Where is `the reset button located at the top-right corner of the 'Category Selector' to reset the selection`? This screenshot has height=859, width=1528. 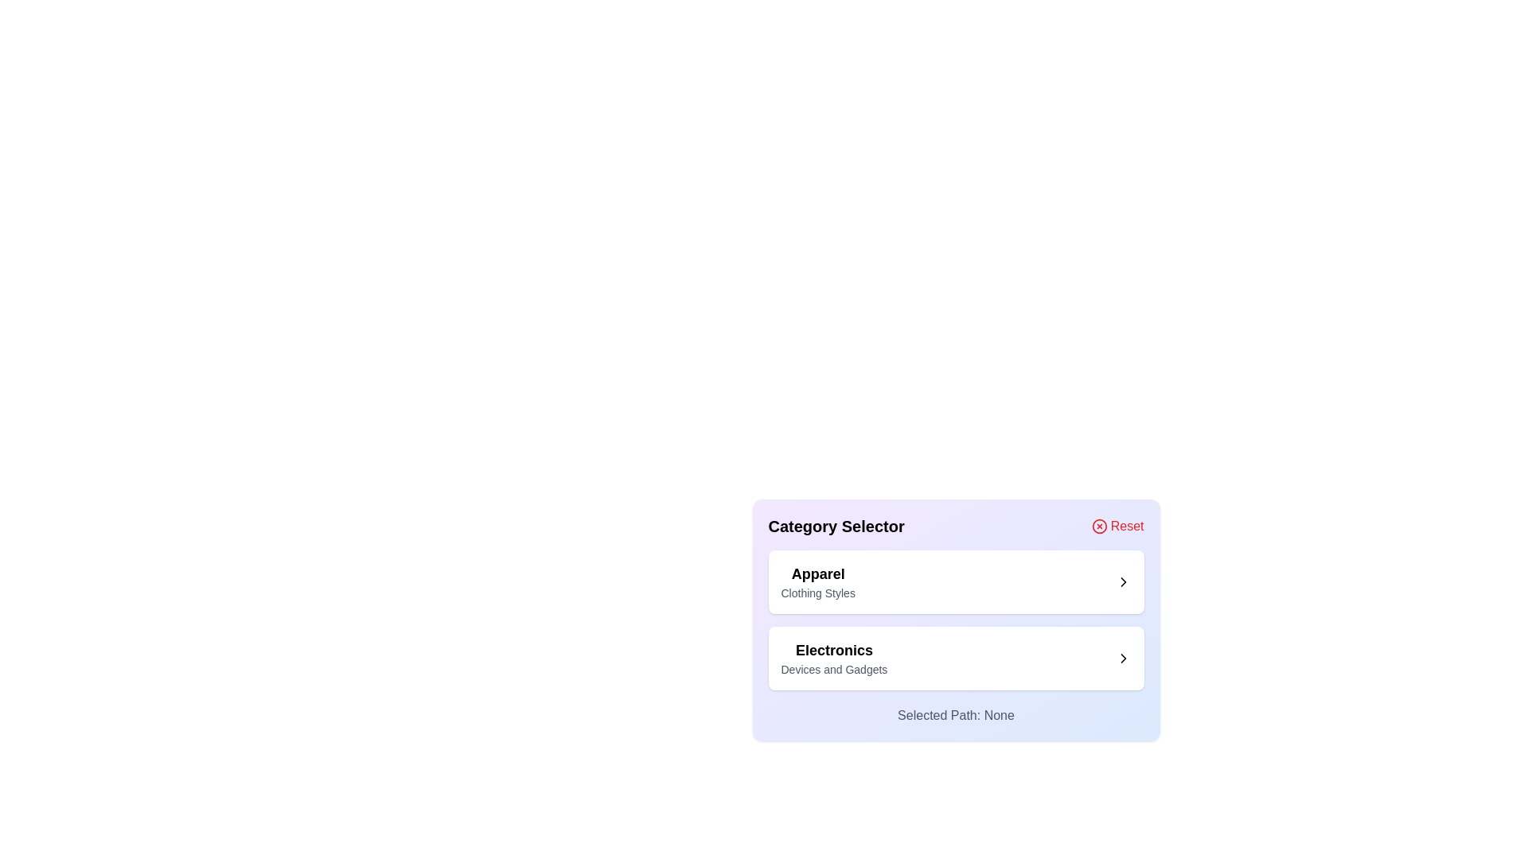 the reset button located at the top-right corner of the 'Category Selector' to reset the selection is located at coordinates (1117, 527).